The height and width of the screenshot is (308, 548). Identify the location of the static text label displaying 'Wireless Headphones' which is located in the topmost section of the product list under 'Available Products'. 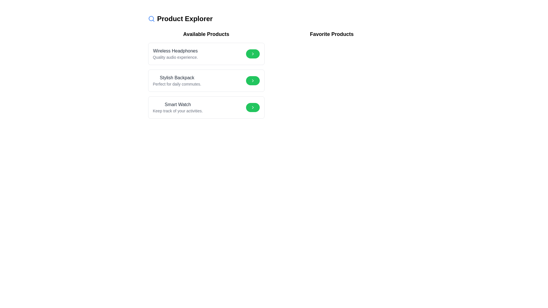
(175, 54).